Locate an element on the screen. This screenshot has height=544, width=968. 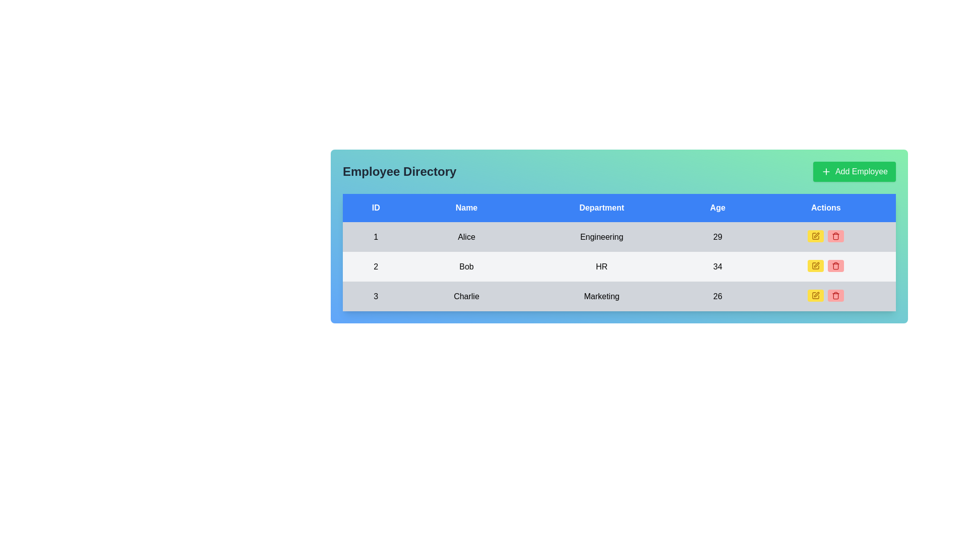
the small, yellow rectangular button with a pencil icon for editing, located in the second row of the actions column in the table is located at coordinates (816, 265).